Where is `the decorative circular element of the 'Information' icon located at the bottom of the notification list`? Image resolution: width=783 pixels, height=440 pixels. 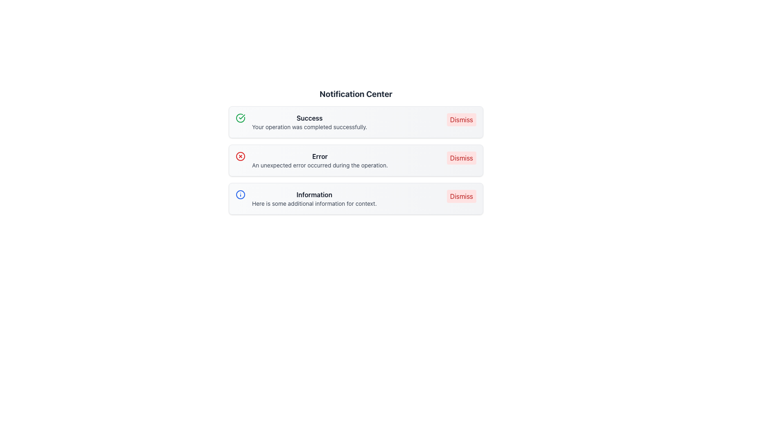 the decorative circular element of the 'Information' icon located at the bottom of the notification list is located at coordinates (240, 195).